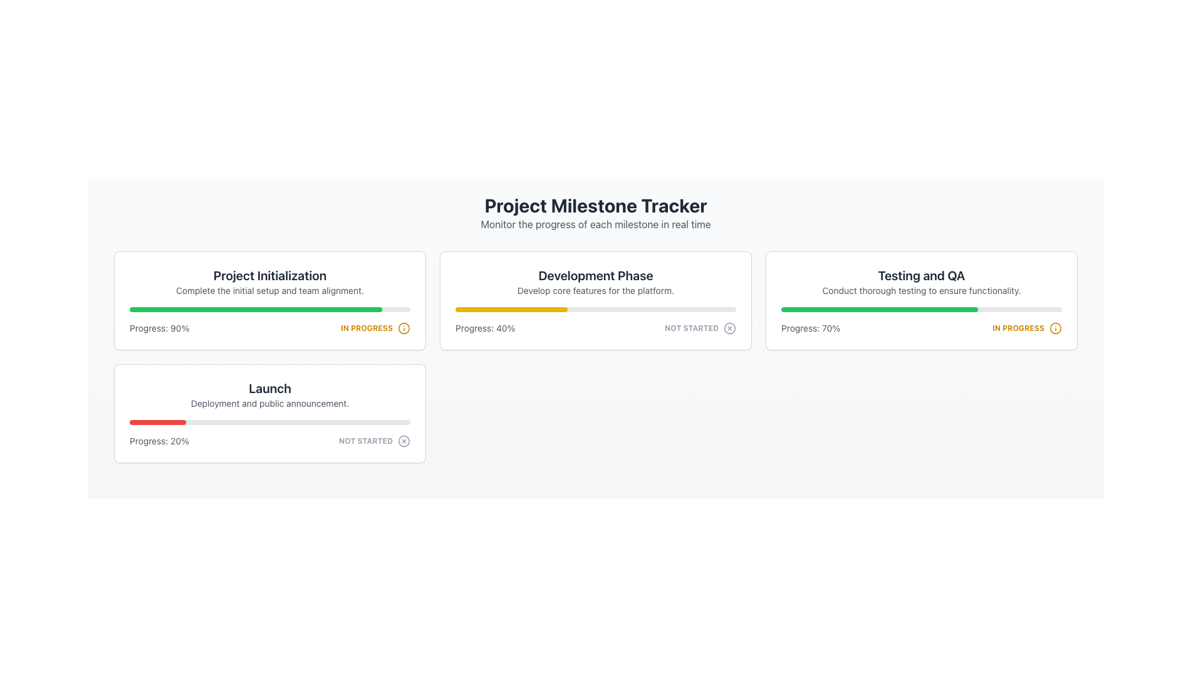  What do you see at coordinates (484, 328) in the screenshot?
I see `the text label displaying the progress percentage for the 'Development Phase' milestone, located at the bottom-left area of the section near the progress bar` at bounding box center [484, 328].